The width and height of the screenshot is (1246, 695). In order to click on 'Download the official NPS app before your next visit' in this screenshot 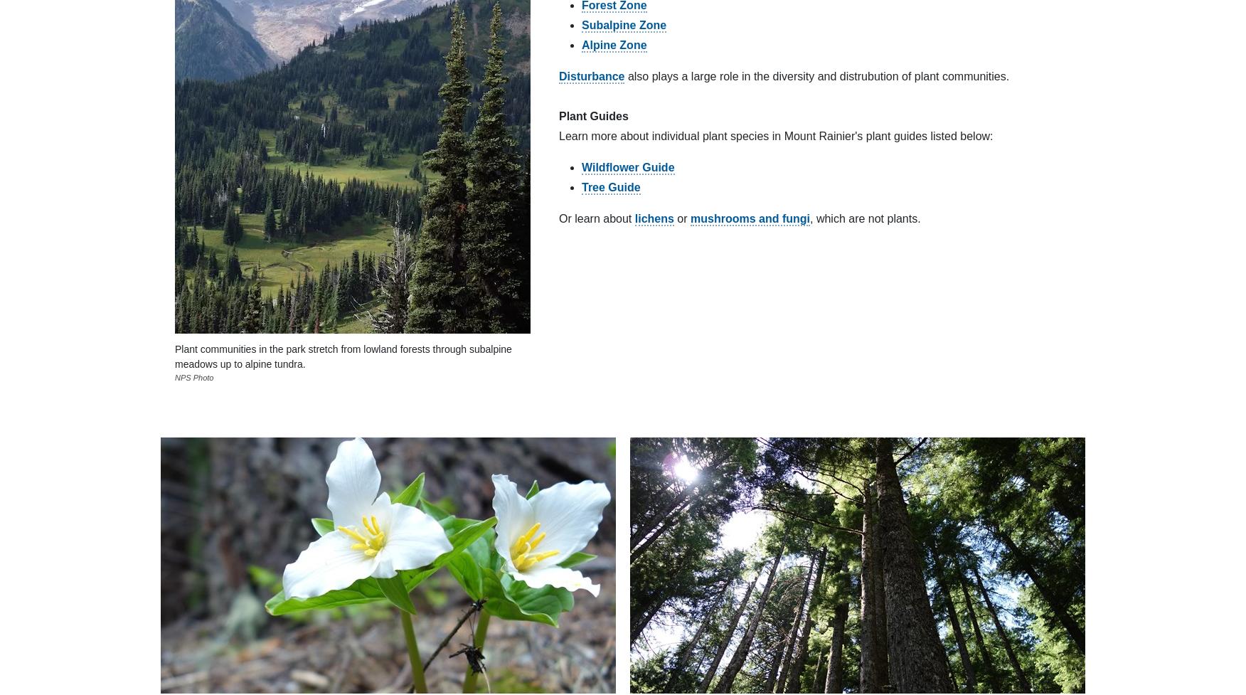, I will do `click(506, 546)`.